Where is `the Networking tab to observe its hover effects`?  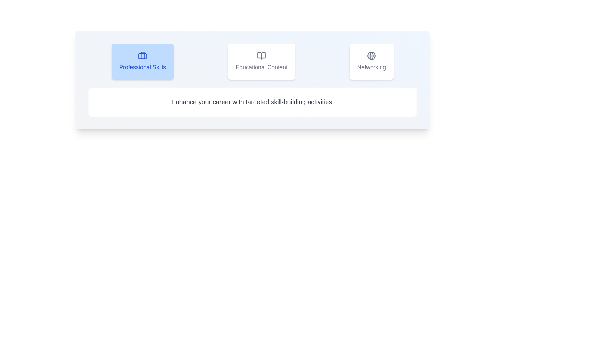
the Networking tab to observe its hover effects is located at coordinates (371, 61).